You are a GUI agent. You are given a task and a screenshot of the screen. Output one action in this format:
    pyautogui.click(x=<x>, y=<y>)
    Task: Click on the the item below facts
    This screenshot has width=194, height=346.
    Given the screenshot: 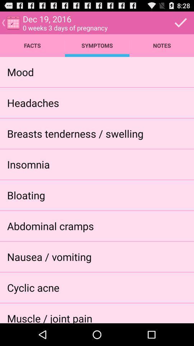 What is the action you would take?
    pyautogui.click(x=20, y=72)
    